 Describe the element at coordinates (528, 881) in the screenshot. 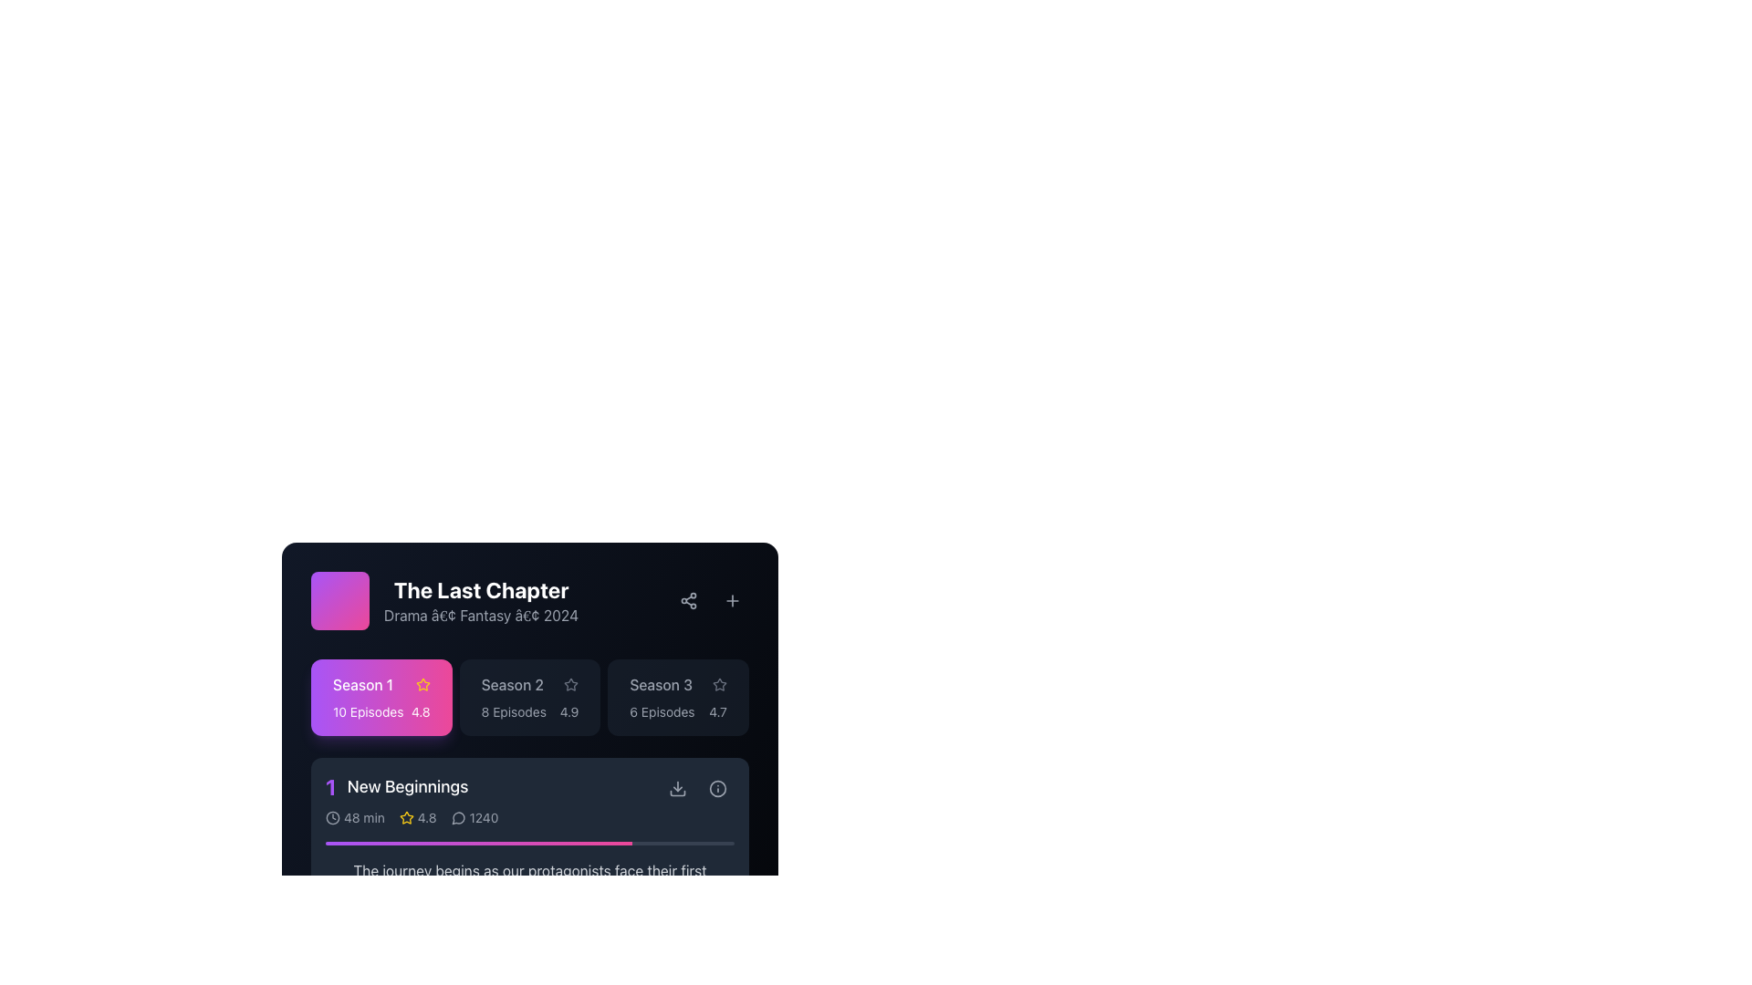

I see `the gray text label displaying 'The journey begins as our protagonists face their first challenge.', located below the progress bar and above playback and volume controls` at that location.